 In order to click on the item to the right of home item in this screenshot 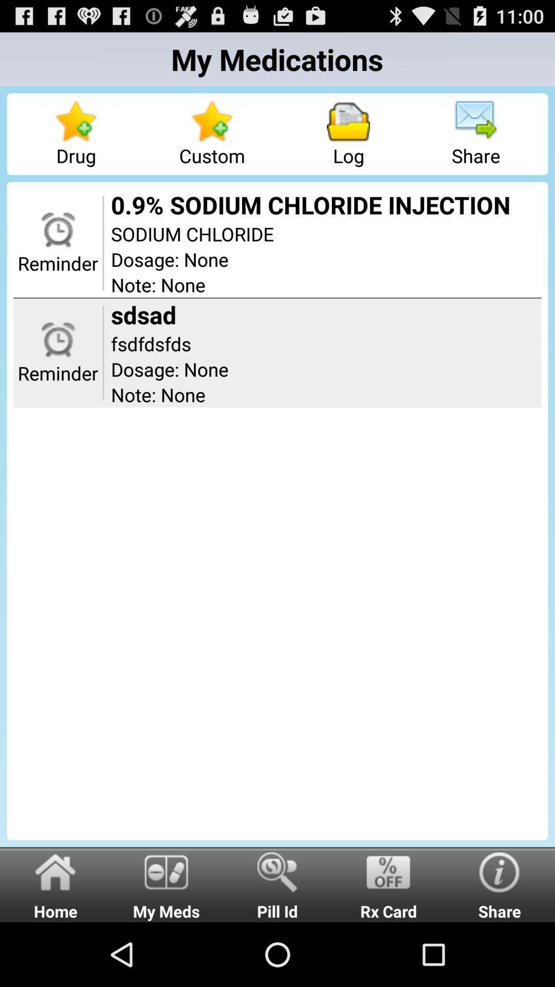, I will do `click(166, 884)`.